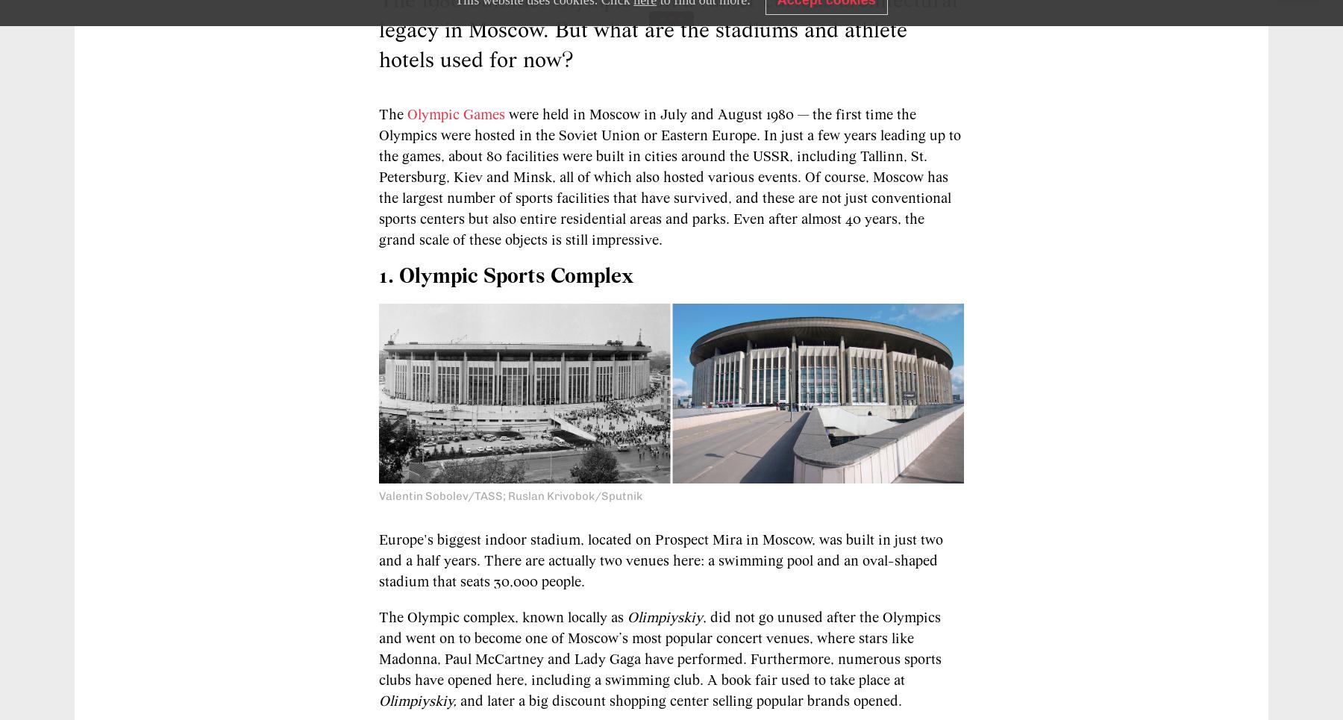 This screenshot has height=720, width=1343. Describe the element at coordinates (378, 616) in the screenshot. I see `'The Olympic complex, known locally as'` at that location.